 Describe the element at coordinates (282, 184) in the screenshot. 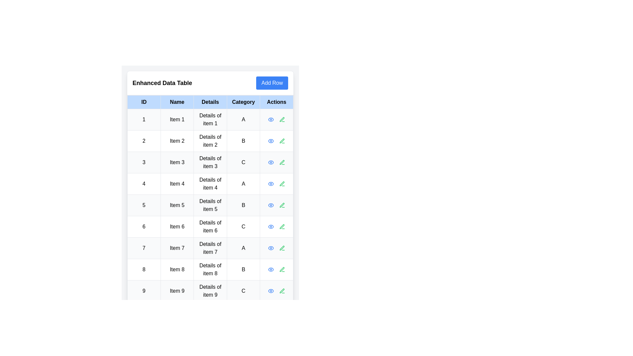

I see `the edit icon for 'Item 4' in the 'Actions' column` at that location.